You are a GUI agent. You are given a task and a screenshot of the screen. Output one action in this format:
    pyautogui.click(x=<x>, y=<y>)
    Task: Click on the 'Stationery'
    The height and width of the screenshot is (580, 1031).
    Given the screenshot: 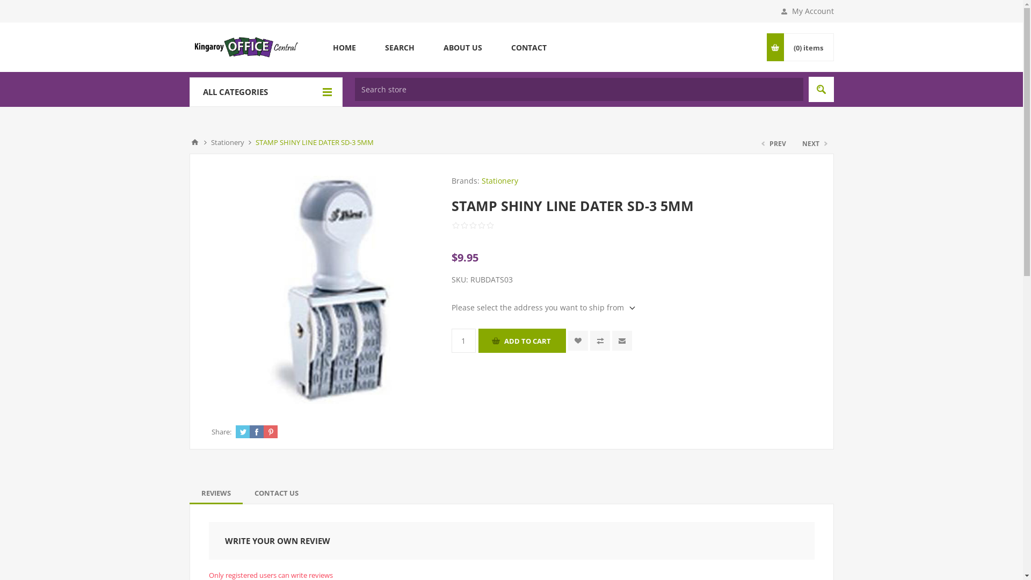 What is the action you would take?
    pyautogui.click(x=226, y=142)
    